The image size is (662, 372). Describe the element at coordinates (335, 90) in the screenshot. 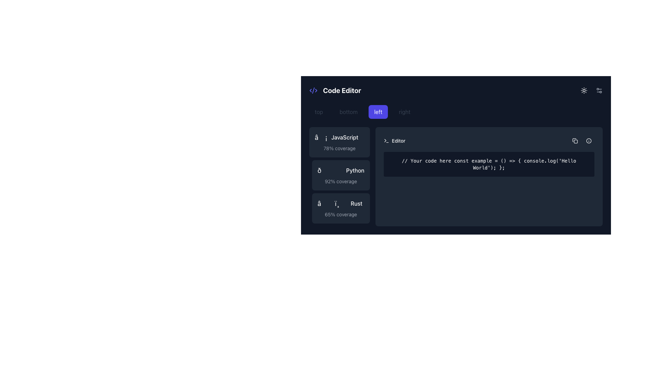

I see `the Label with an icon that serves as the title or header for the interface section, located at the top-left of the visible interface` at that location.